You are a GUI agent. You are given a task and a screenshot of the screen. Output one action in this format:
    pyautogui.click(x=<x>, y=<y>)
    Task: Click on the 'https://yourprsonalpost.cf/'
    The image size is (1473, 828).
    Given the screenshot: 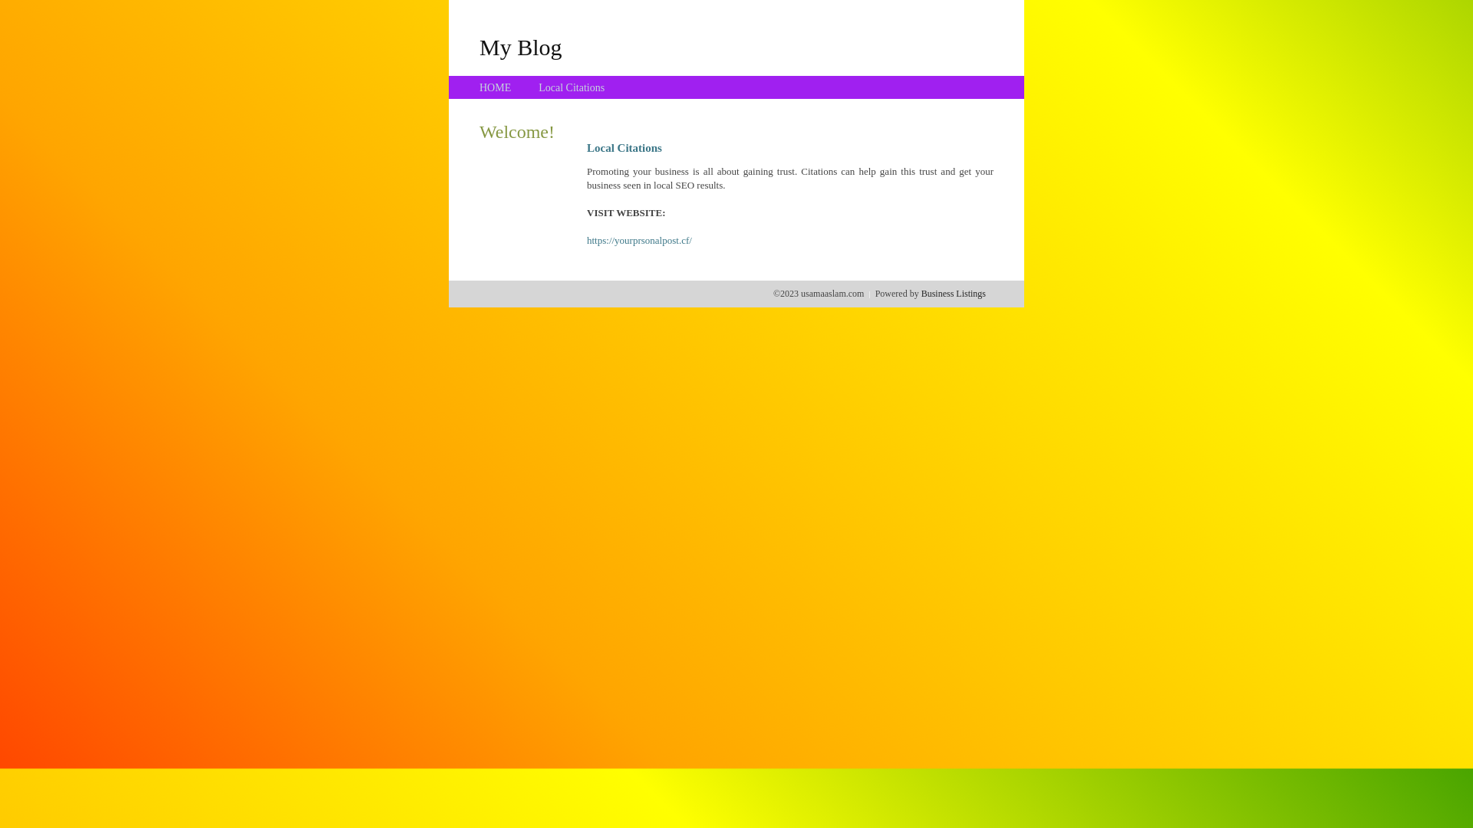 What is the action you would take?
    pyautogui.click(x=639, y=240)
    